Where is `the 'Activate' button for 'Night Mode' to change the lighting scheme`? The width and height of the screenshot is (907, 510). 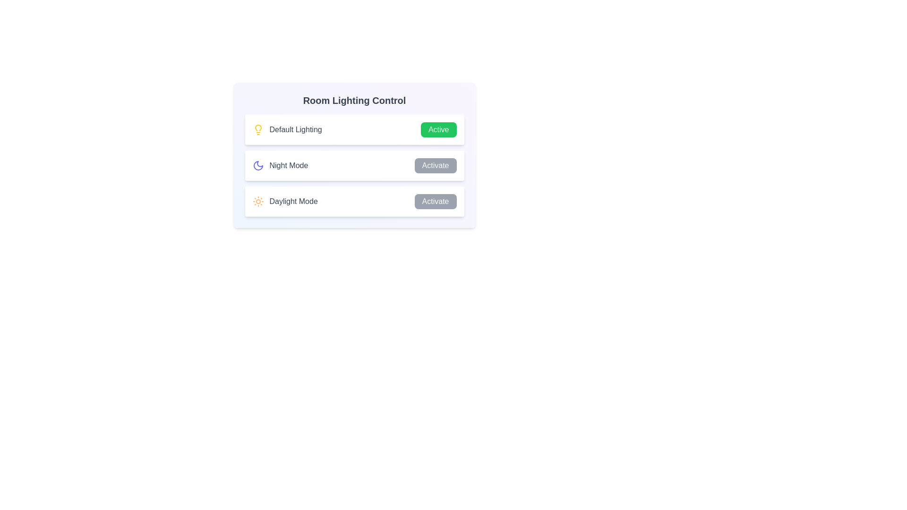
the 'Activate' button for 'Night Mode' to change the lighting scheme is located at coordinates (435, 165).